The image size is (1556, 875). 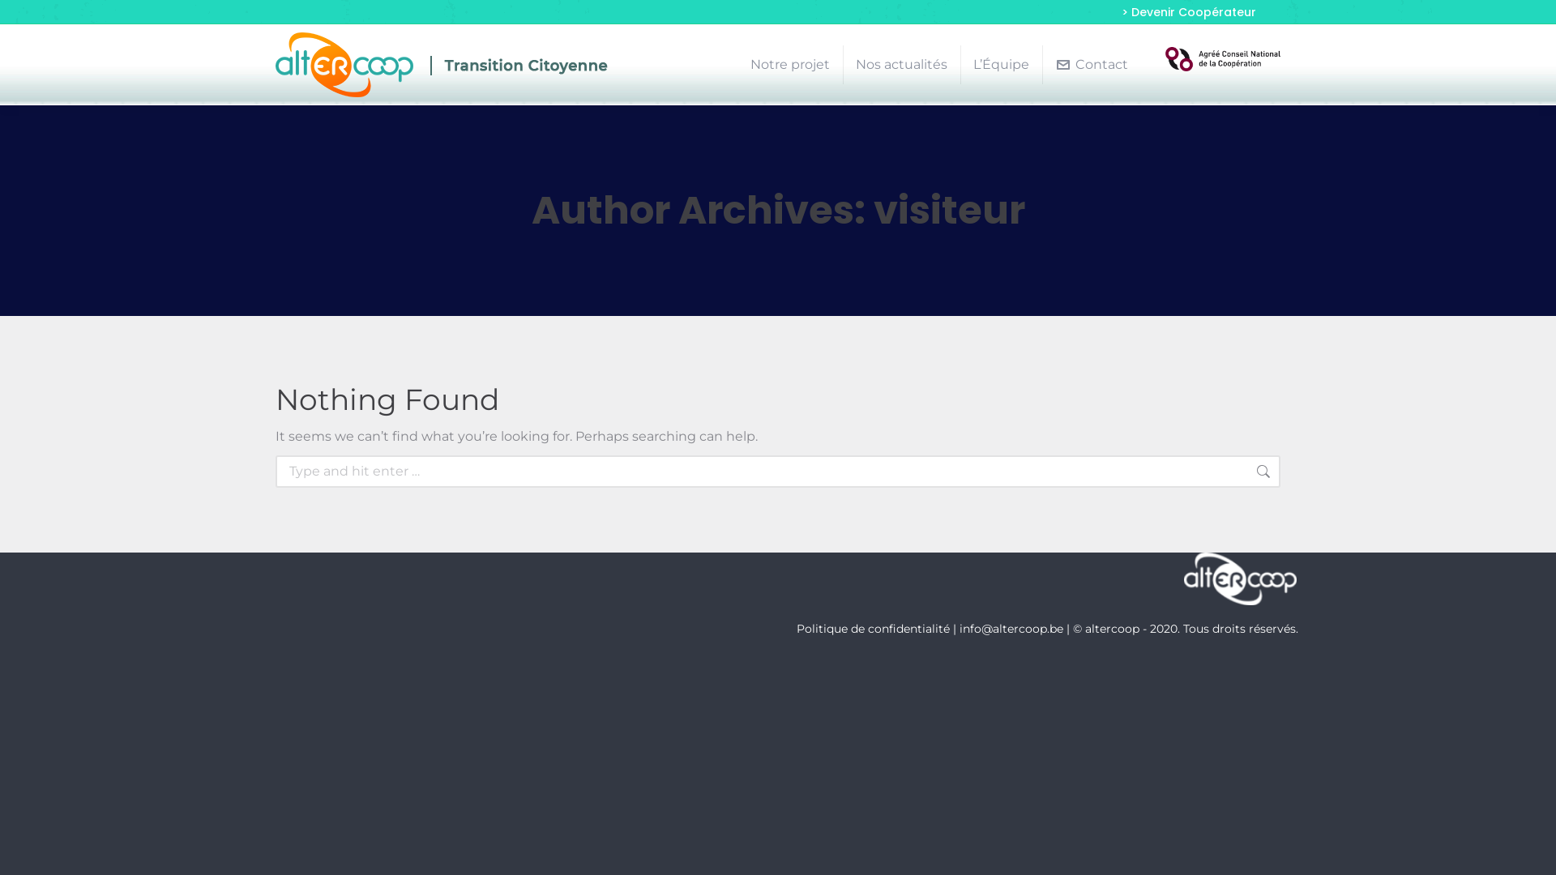 I want to click on 'Notre projet', so click(x=789, y=64).